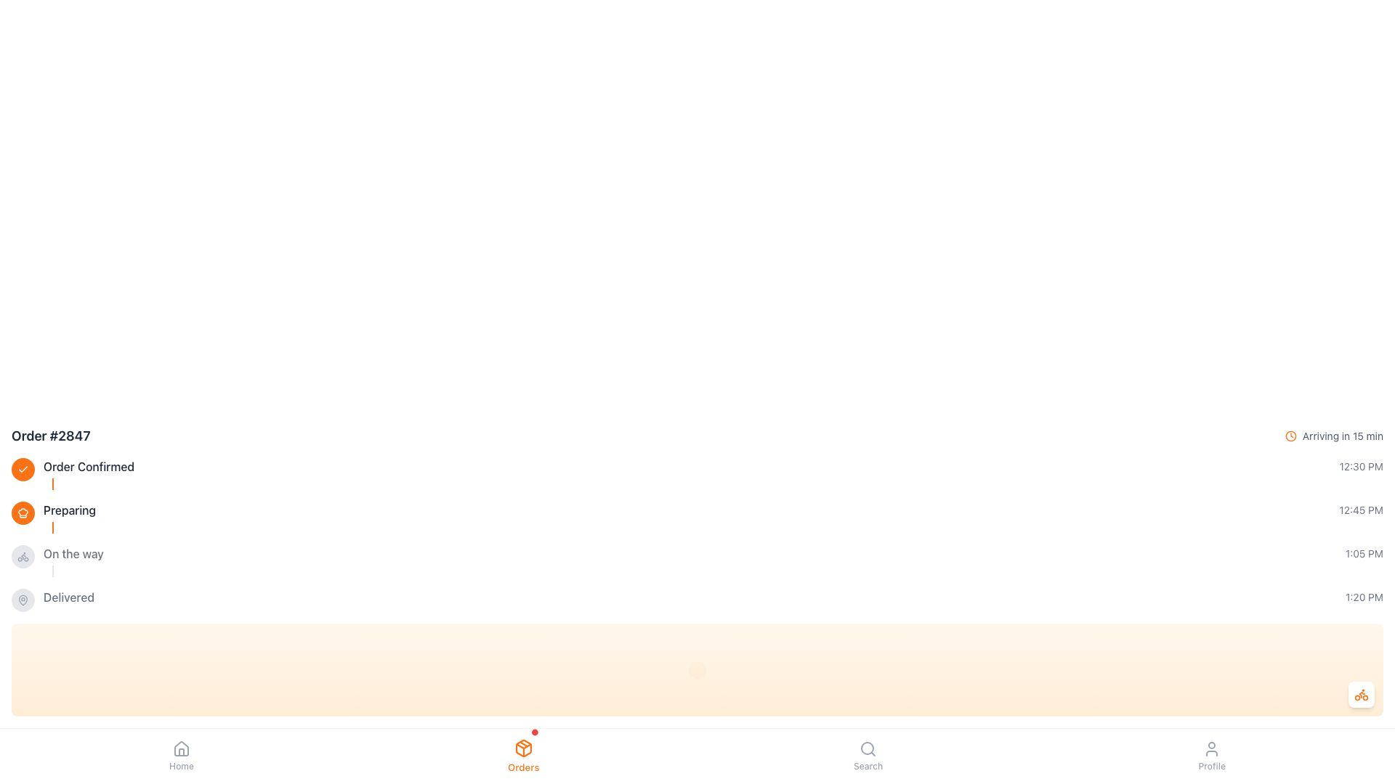 The image size is (1395, 784). I want to click on the delivery status text label indicating that the order has been delivered, which is the fourth status label in the list under 'Order #2847', so click(68, 597).